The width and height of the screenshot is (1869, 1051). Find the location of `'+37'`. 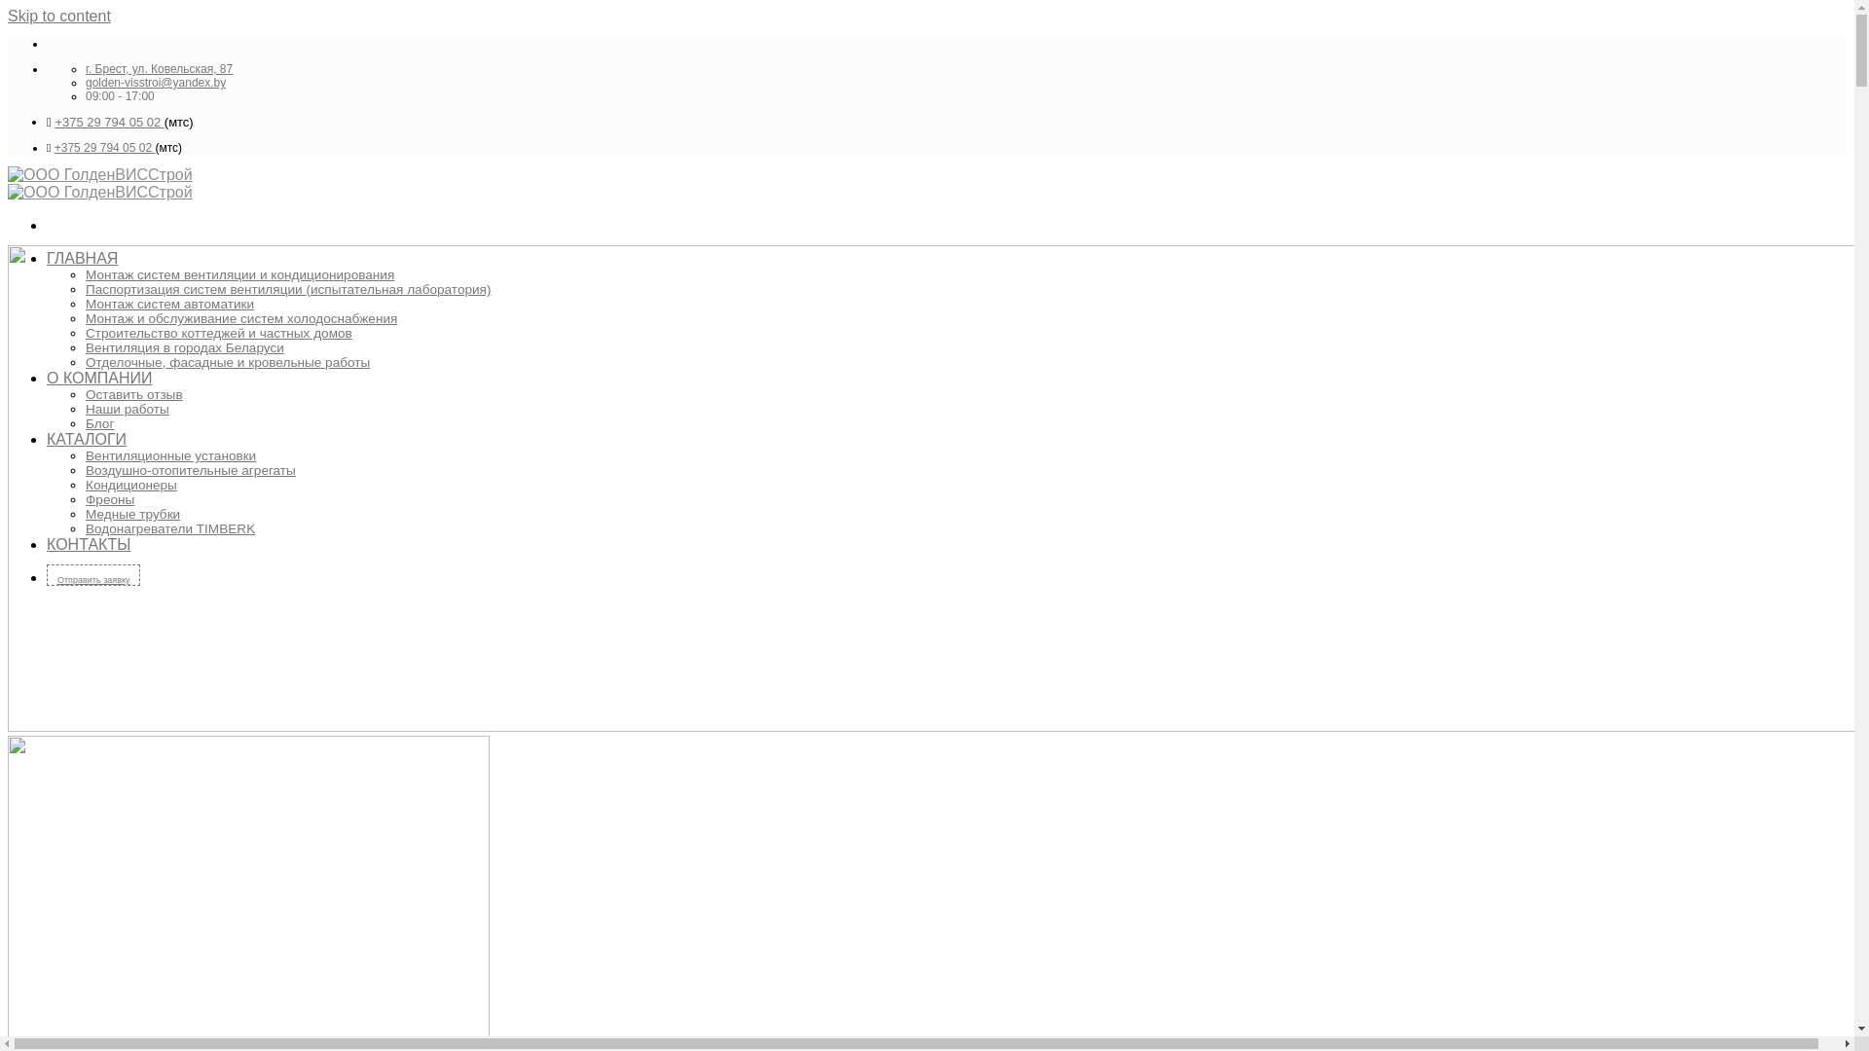

'+37' is located at coordinates (64, 146).